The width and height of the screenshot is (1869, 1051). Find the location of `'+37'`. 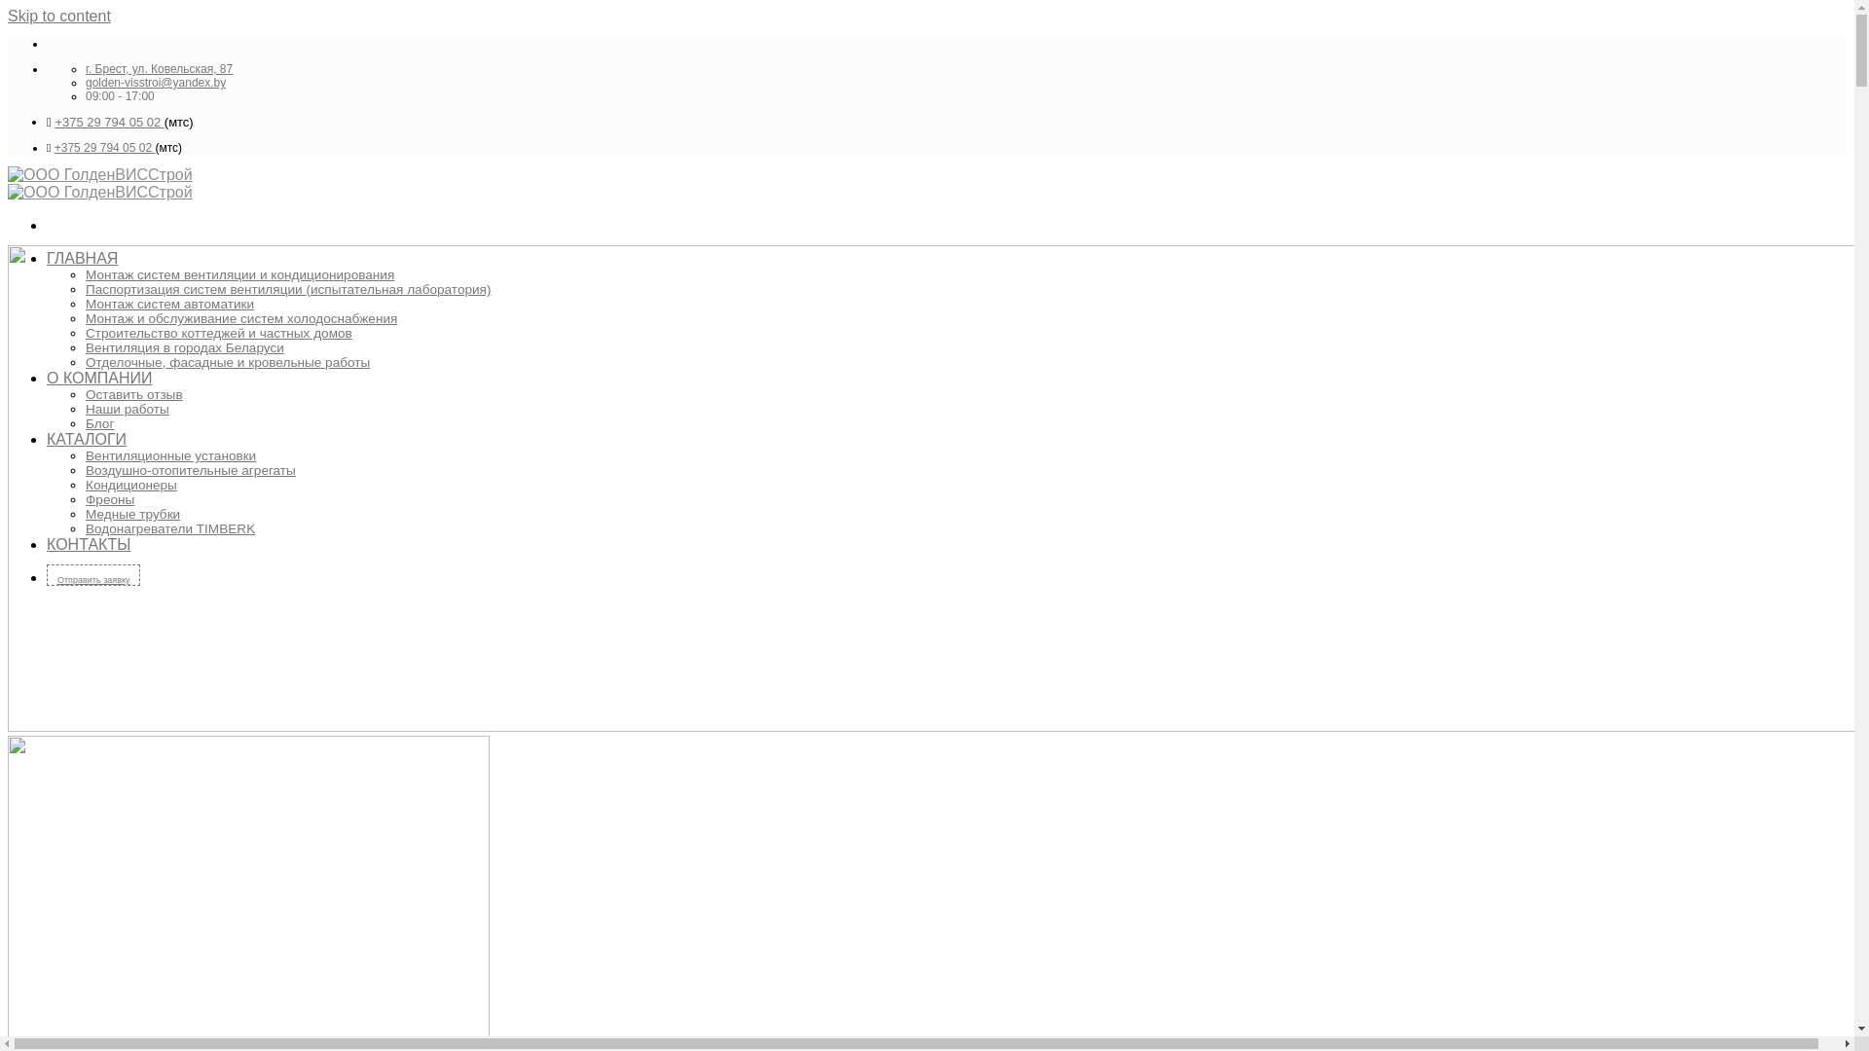

'+37' is located at coordinates (64, 146).